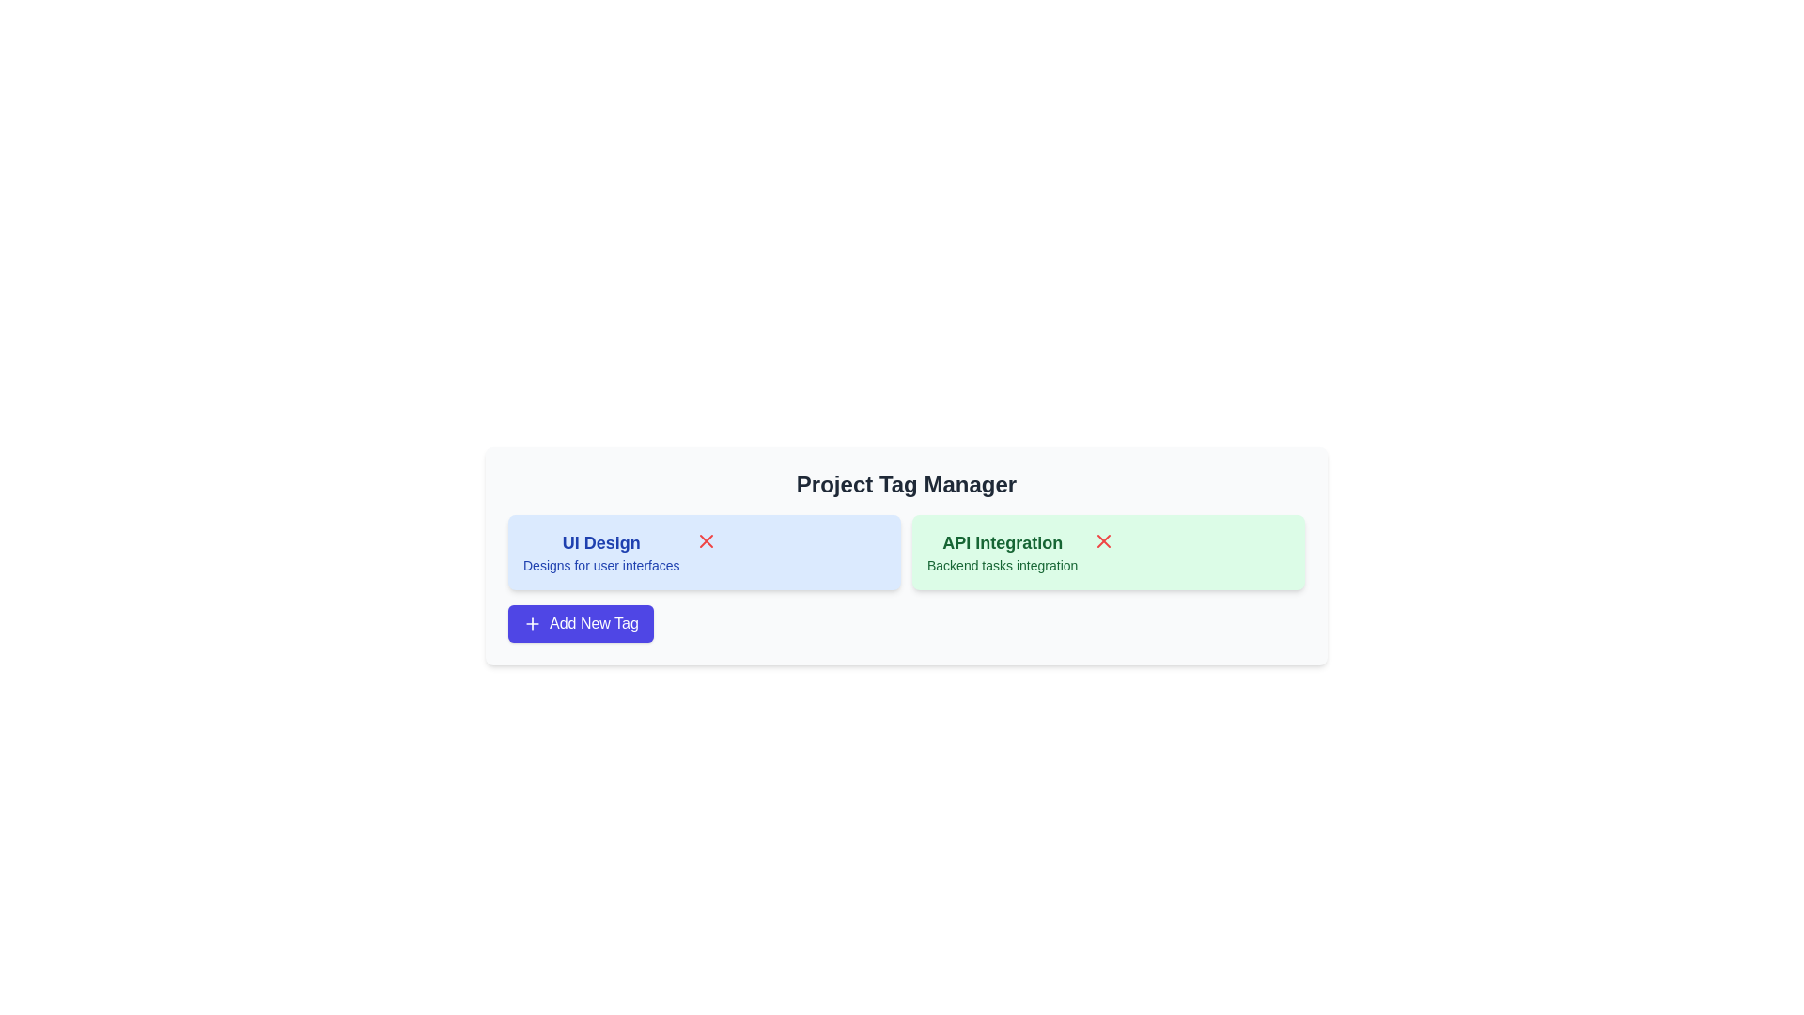  What do you see at coordinates (1002, 564) in the screenshot?
I see `label displaying the text 'Backend tasks integration' which is styled in green and located beneath the bolded title 'API Integration' within a light green box` at bounding box center [1002, 564].